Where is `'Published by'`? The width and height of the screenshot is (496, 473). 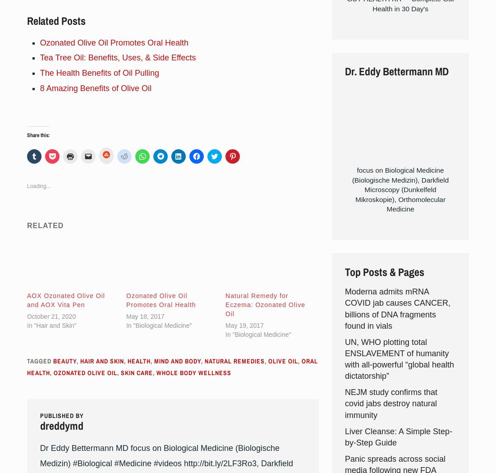
'Published by' is located at coordinates (61, 415).